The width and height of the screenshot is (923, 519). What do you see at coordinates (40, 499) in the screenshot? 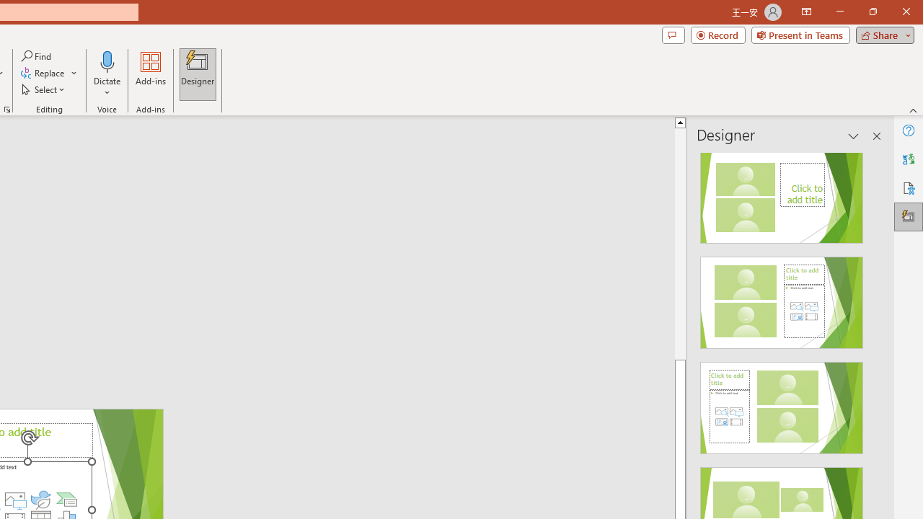
I see `'Insert an Icon'` at bounding box center [40, 499].